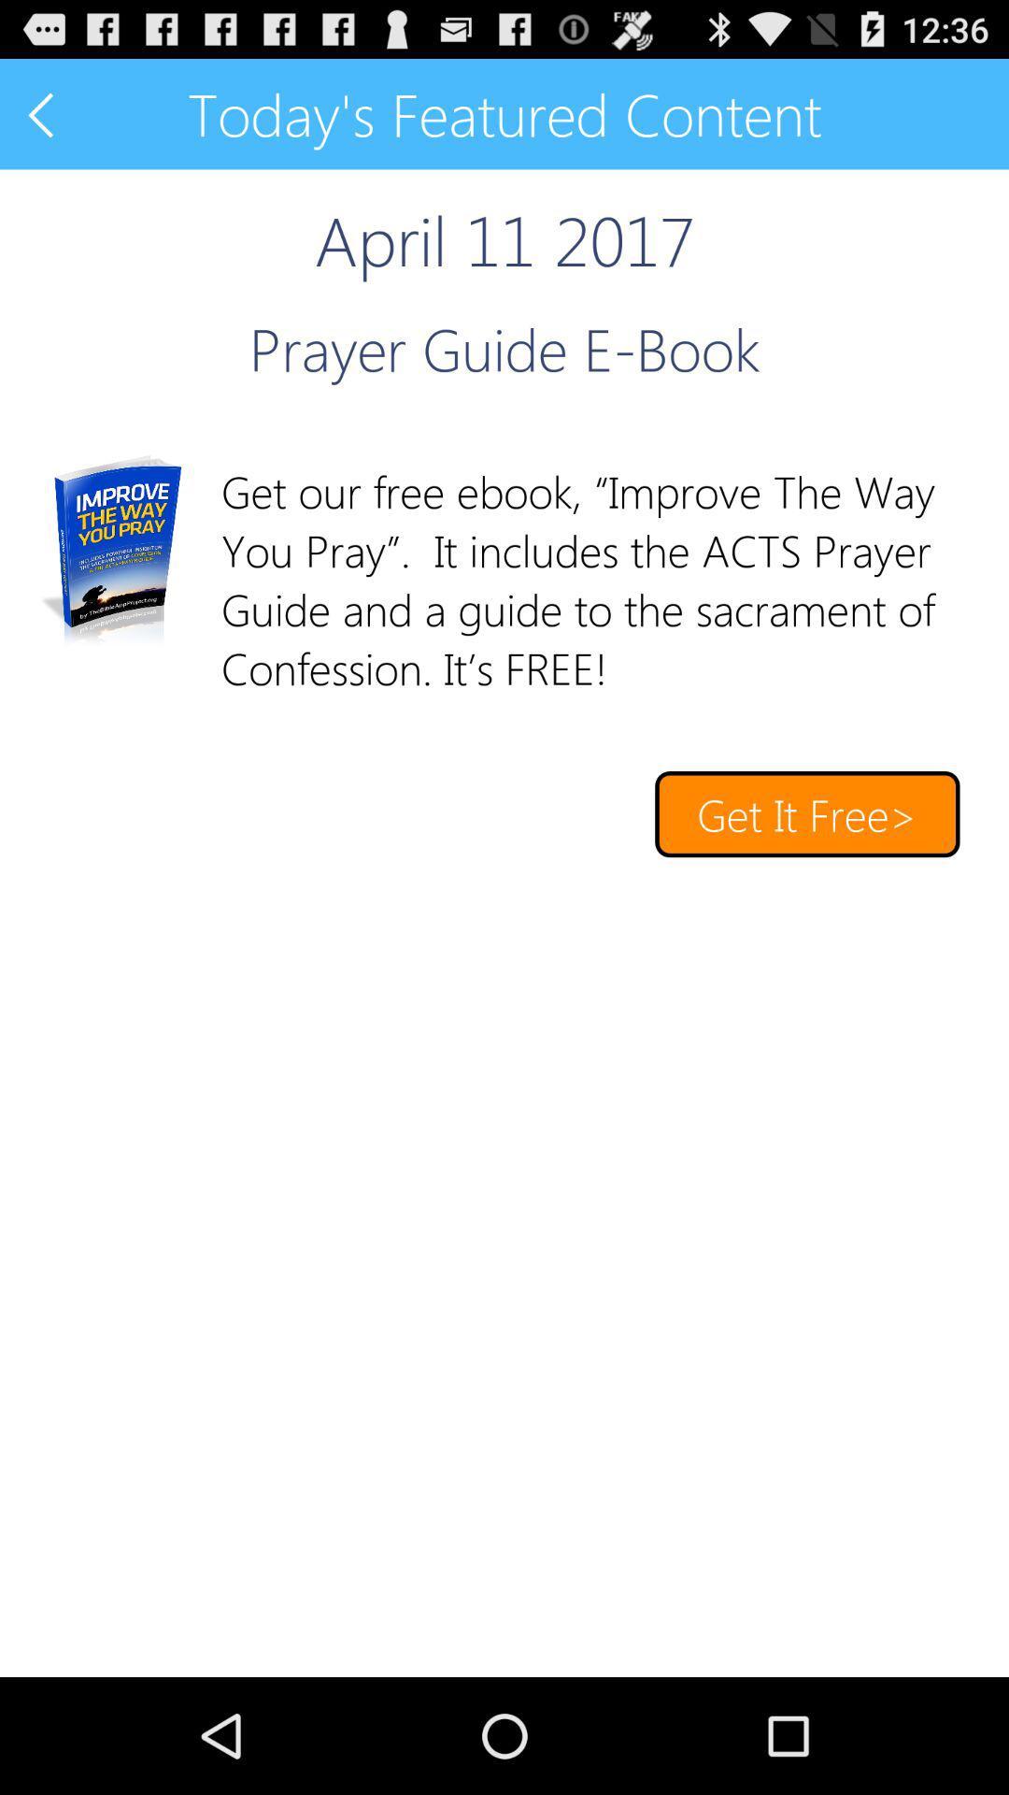 The height and width of the screenshot is (1795, 1009). Describe the element at coordinates (42, 113) in the screenshot. I see `go back` at that location.